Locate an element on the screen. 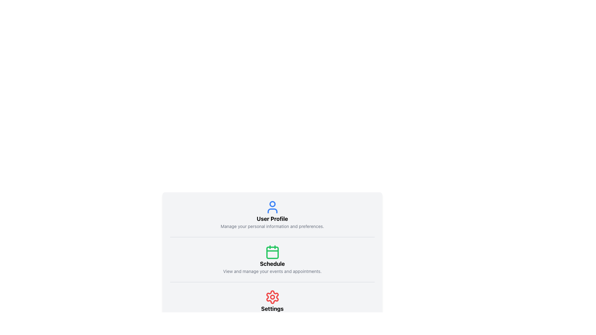 The image size is (596, 335). the user profile icon, which represents the head in the user profile icon, located at the top of the section above the text label 'User Profile' is located at coordinates (272, 204).